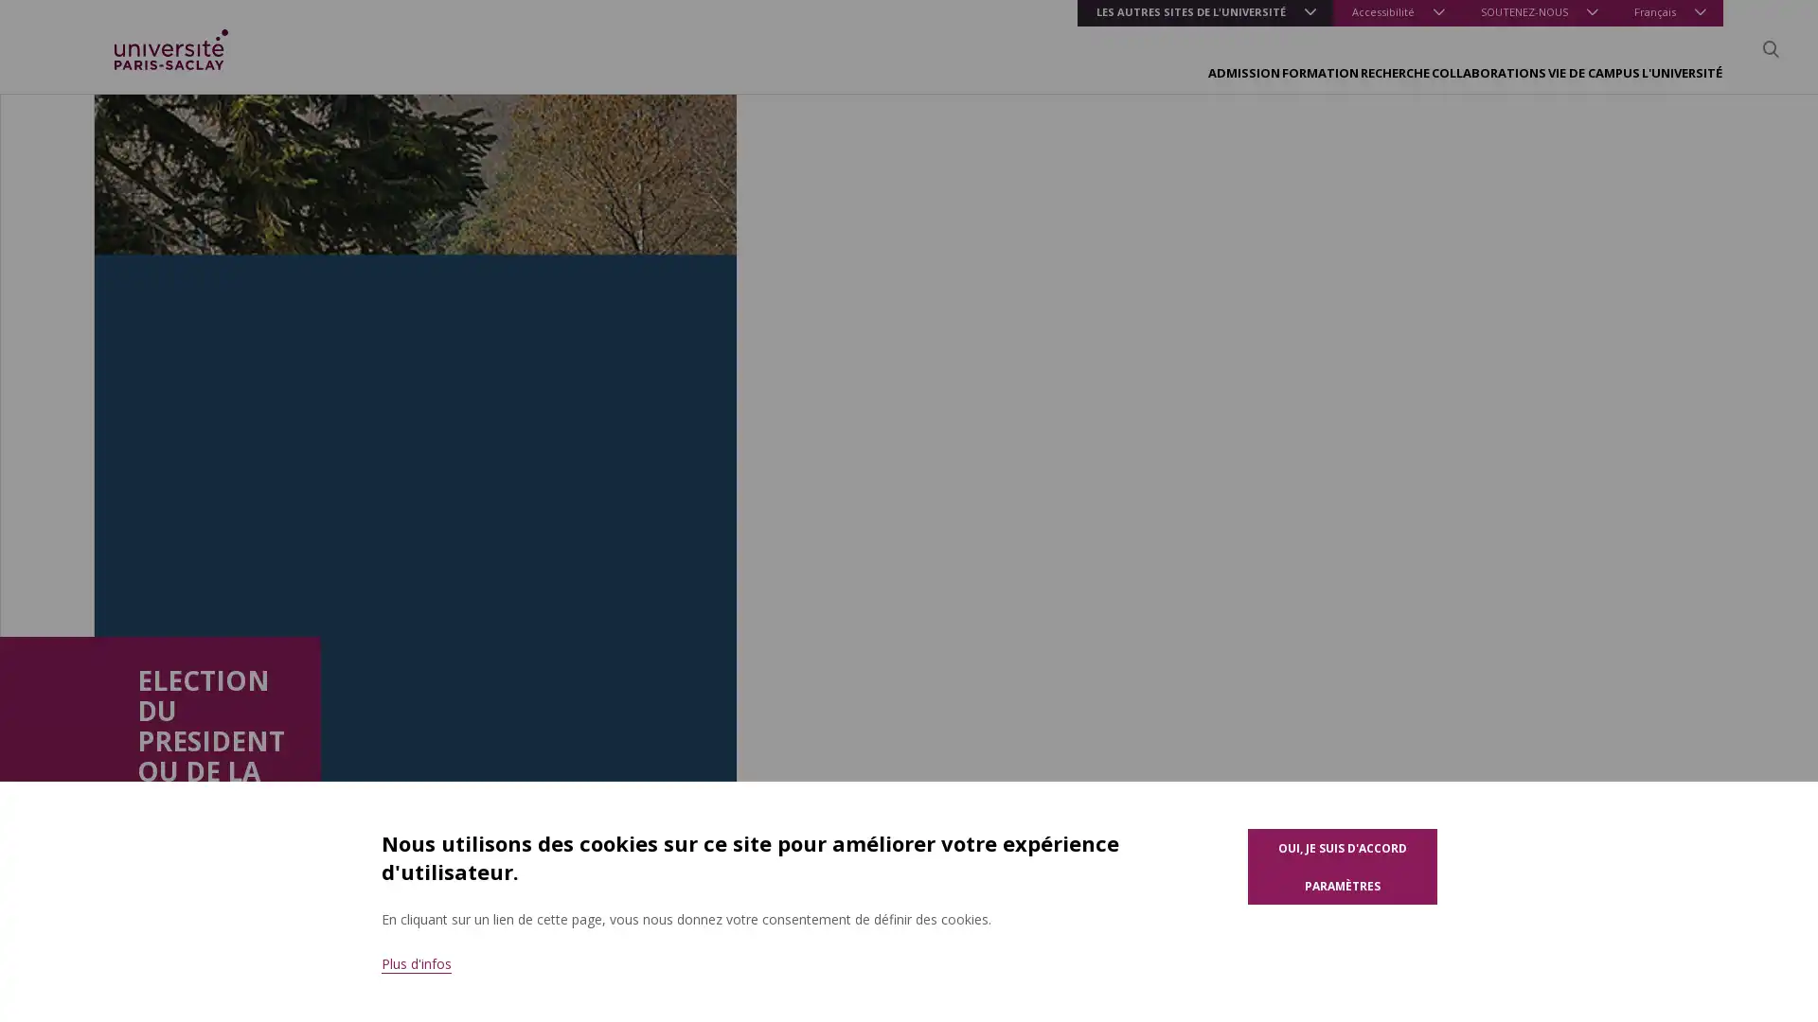 The width and height of the screenshot is (1818, 1022). Describe the element at coordinates (1340, 899) in the screenshot. I see `Parametres des cookies` at that location.